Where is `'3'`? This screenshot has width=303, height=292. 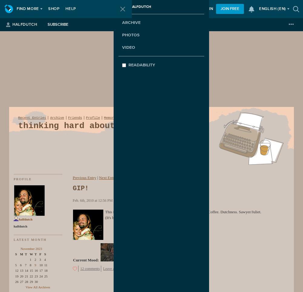
'3' is located at coordinates (40, 259).